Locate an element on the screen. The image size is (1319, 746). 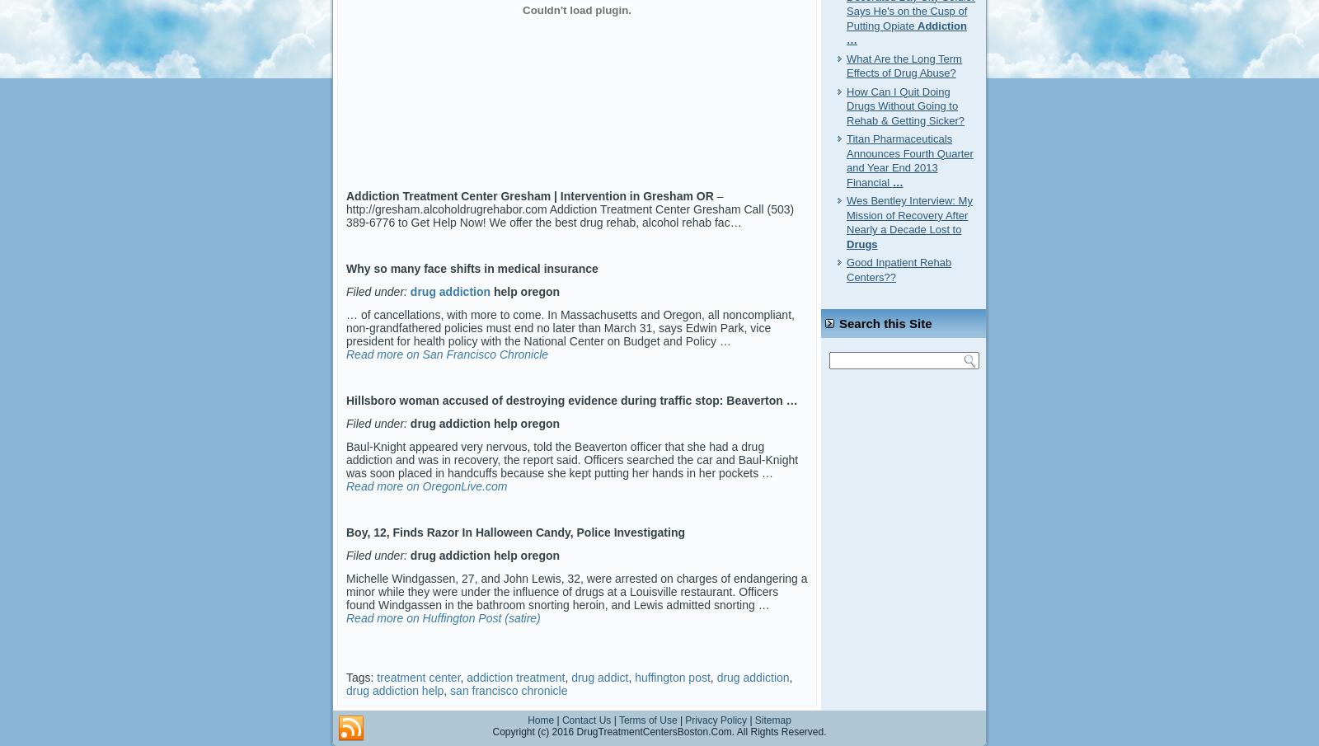
'Privacy Policy' is located at coordinates (715, 720).